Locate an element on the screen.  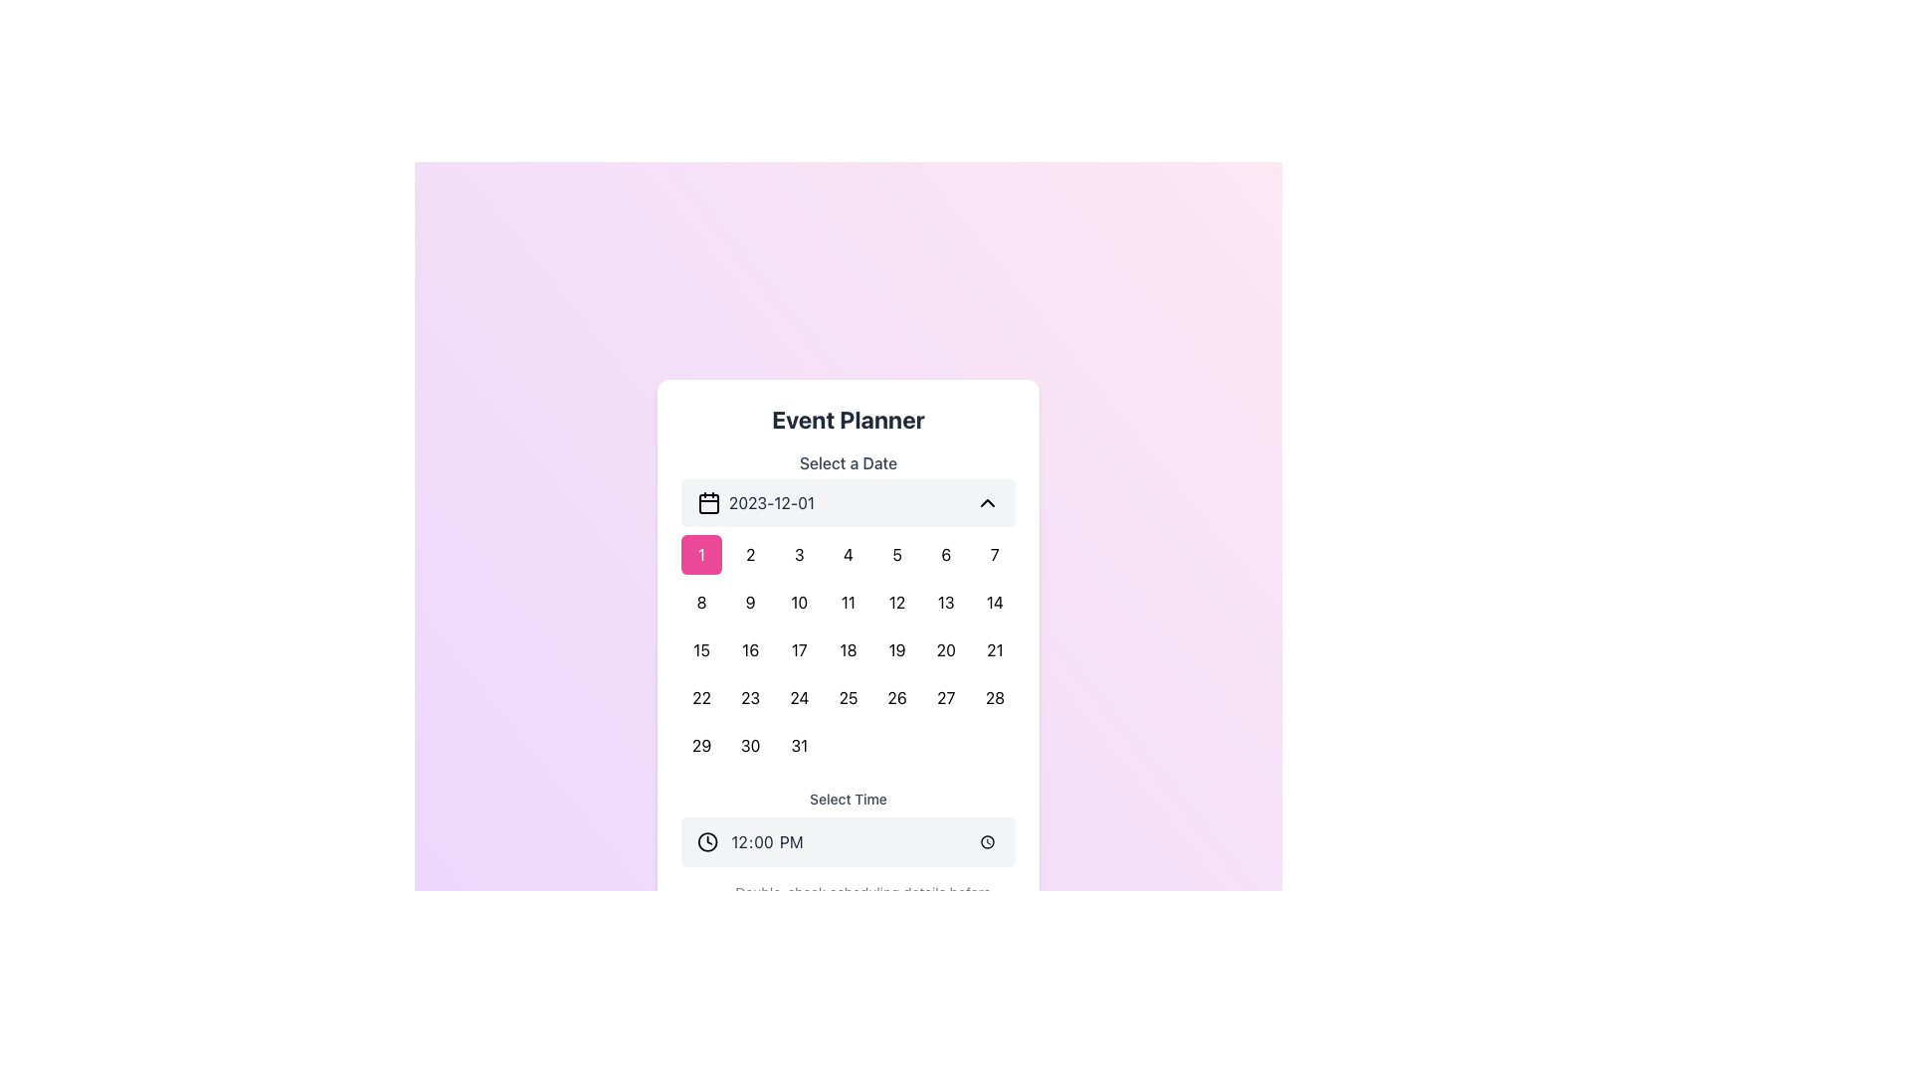
the fourth date button in the calendar grid is located at coordinates (849, 555).